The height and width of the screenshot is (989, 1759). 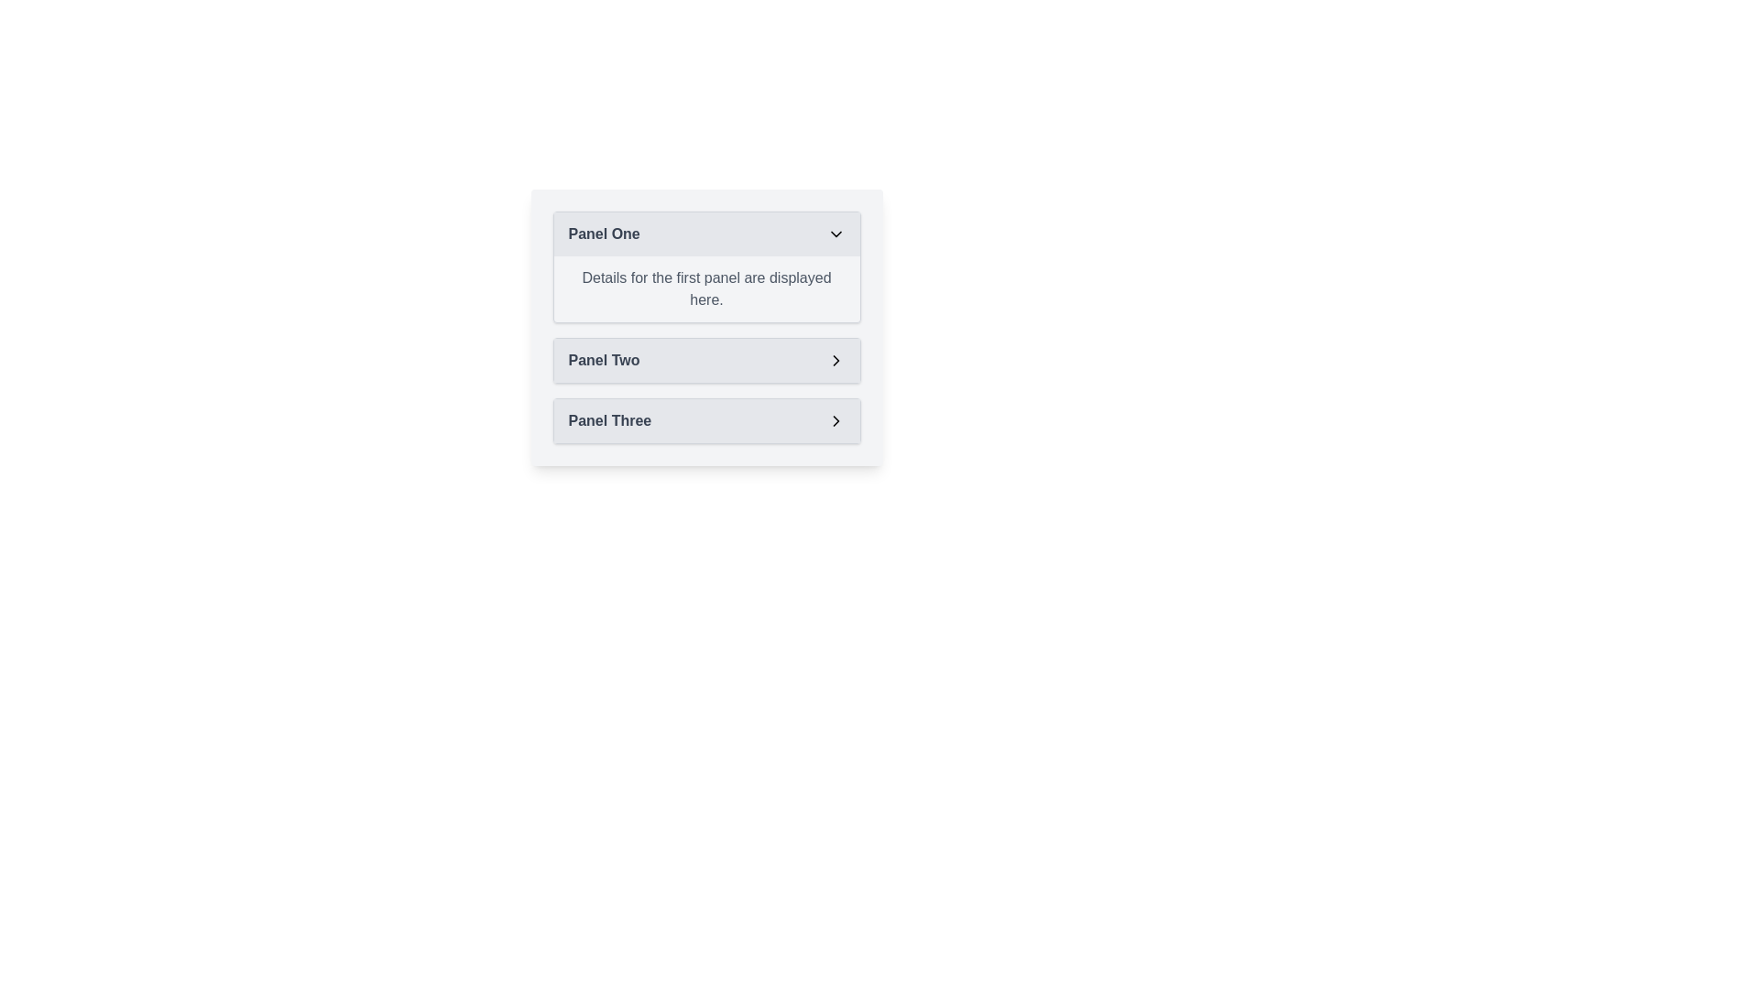 I want to click on the text element displaying 'Details for the first panel are displayed here.' located in the 'Panel One' section, so click(x=705, y=288).